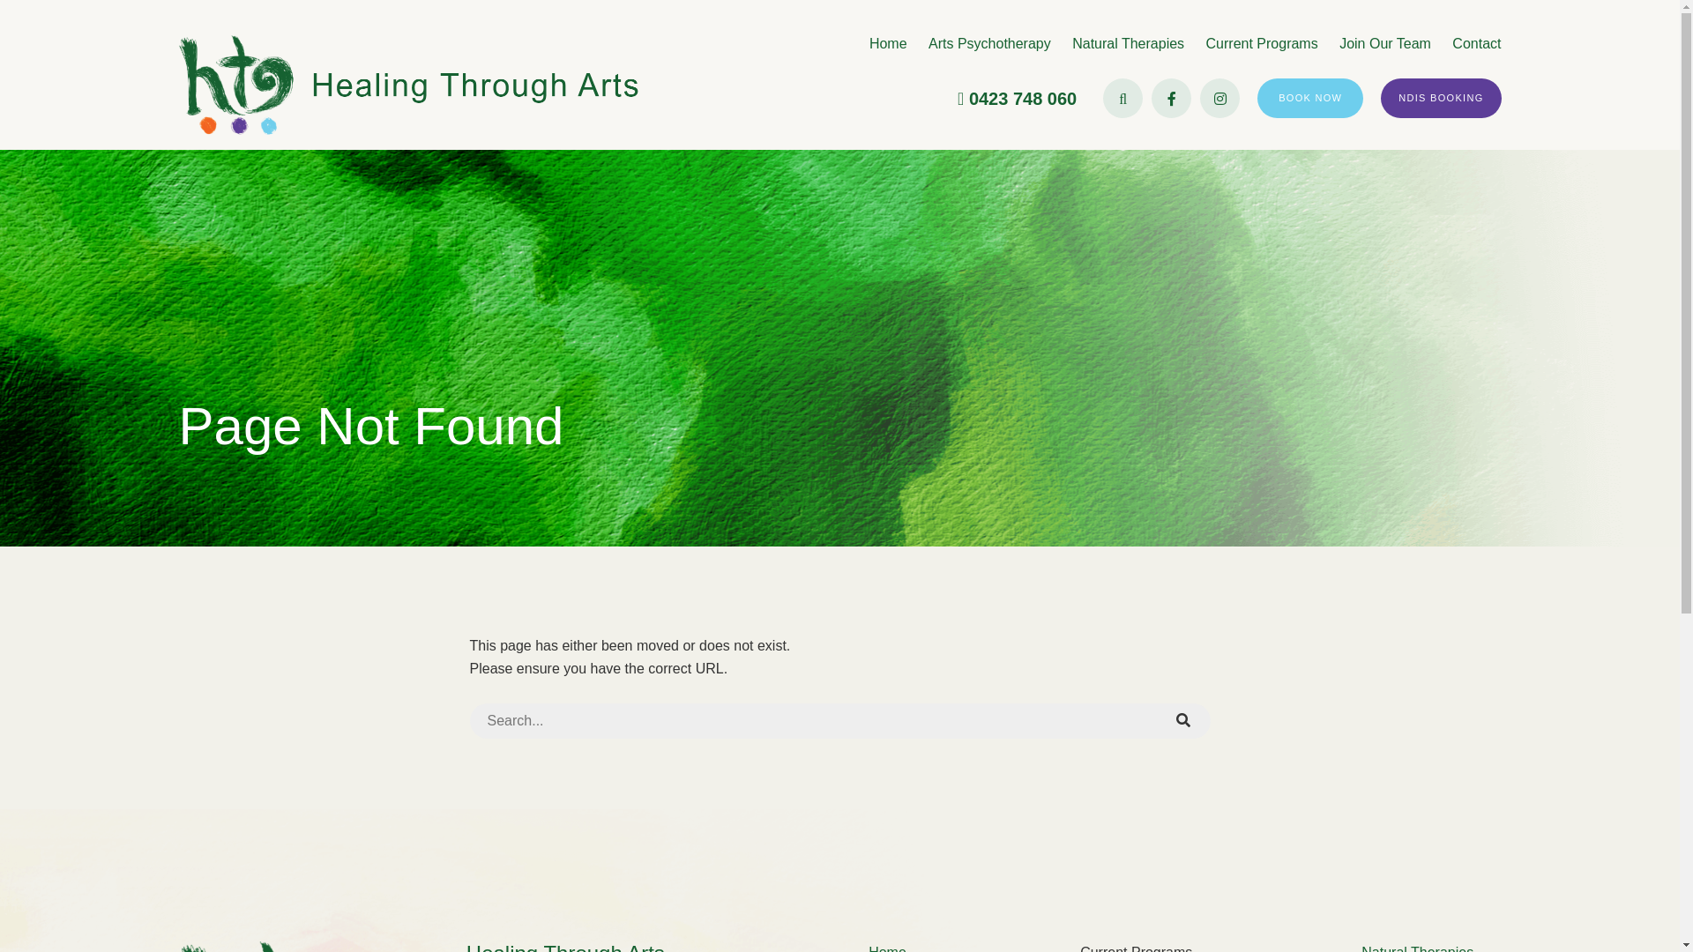 The image size is (1693, 952). I want to click on '0423 748 060', so click(1023, 98).